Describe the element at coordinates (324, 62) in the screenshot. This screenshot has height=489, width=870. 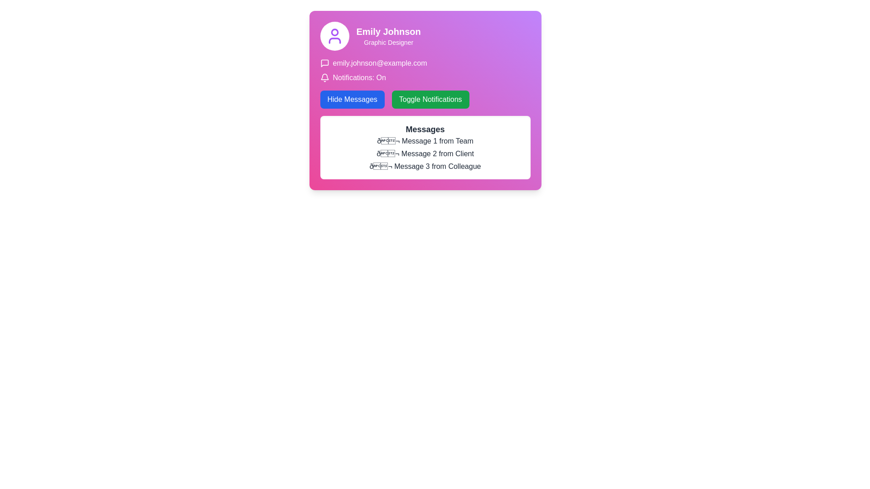
I see `the chat bubble icon located to the left of the email address 'emily.johnson@example.com' in the email display section` at that location.